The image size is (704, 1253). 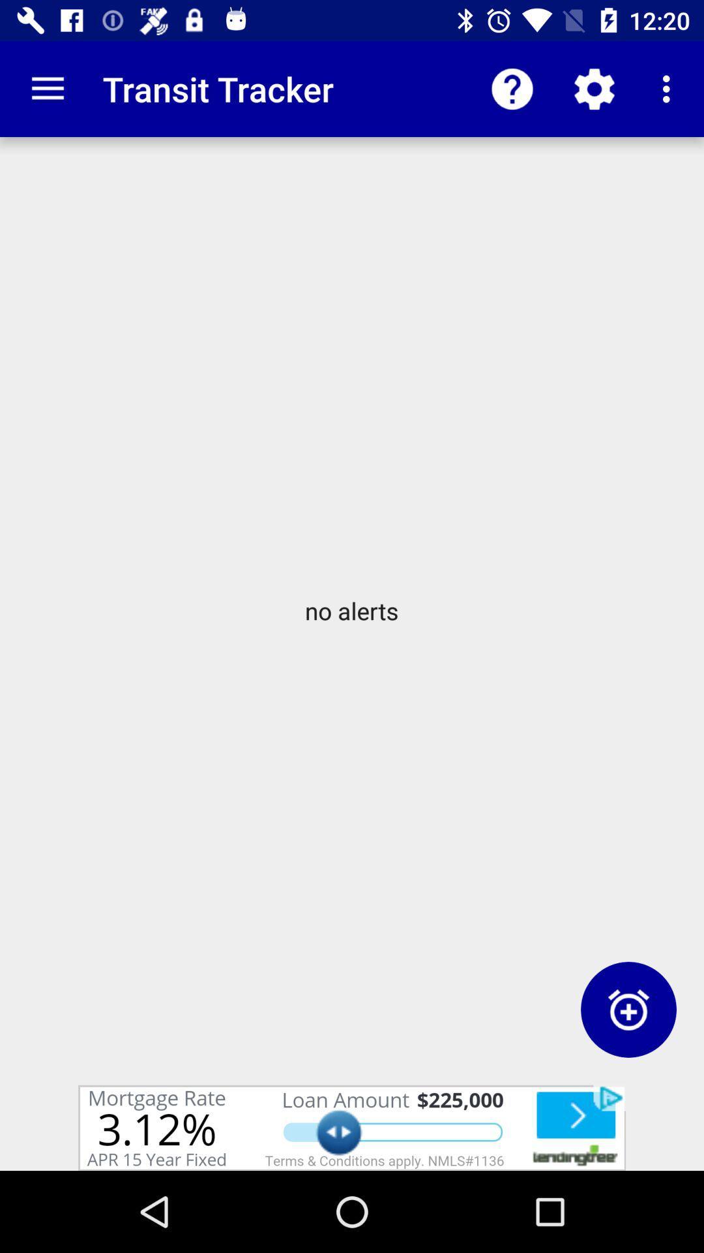 I want to click on the time icon, so click(x=628, y=1009).